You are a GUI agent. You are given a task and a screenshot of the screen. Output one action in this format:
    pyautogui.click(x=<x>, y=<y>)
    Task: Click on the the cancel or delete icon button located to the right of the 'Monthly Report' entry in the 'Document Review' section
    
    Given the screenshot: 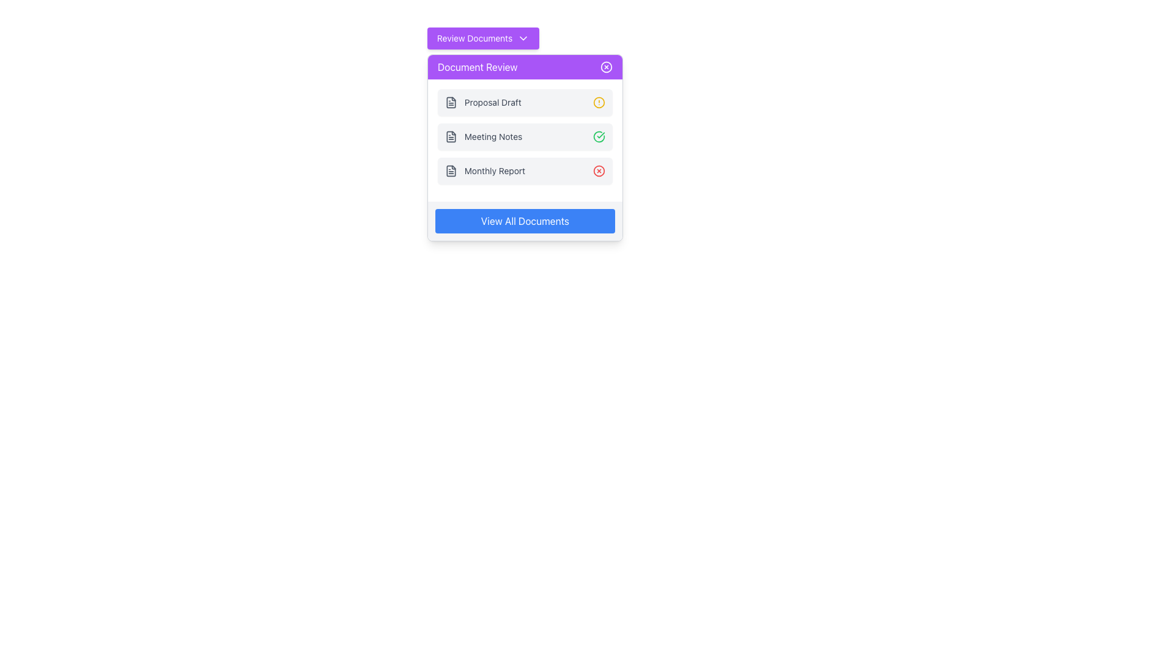 What is the action you would take?
    pyautogui.click(x=599, y=171)
    